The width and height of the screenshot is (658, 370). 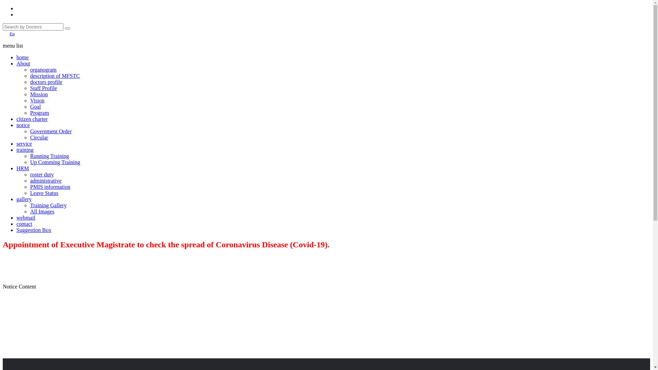 What do you see at coordinates (16, 168) in the screenshot?
I see `'HRM'` at bounding box center [16, 168].